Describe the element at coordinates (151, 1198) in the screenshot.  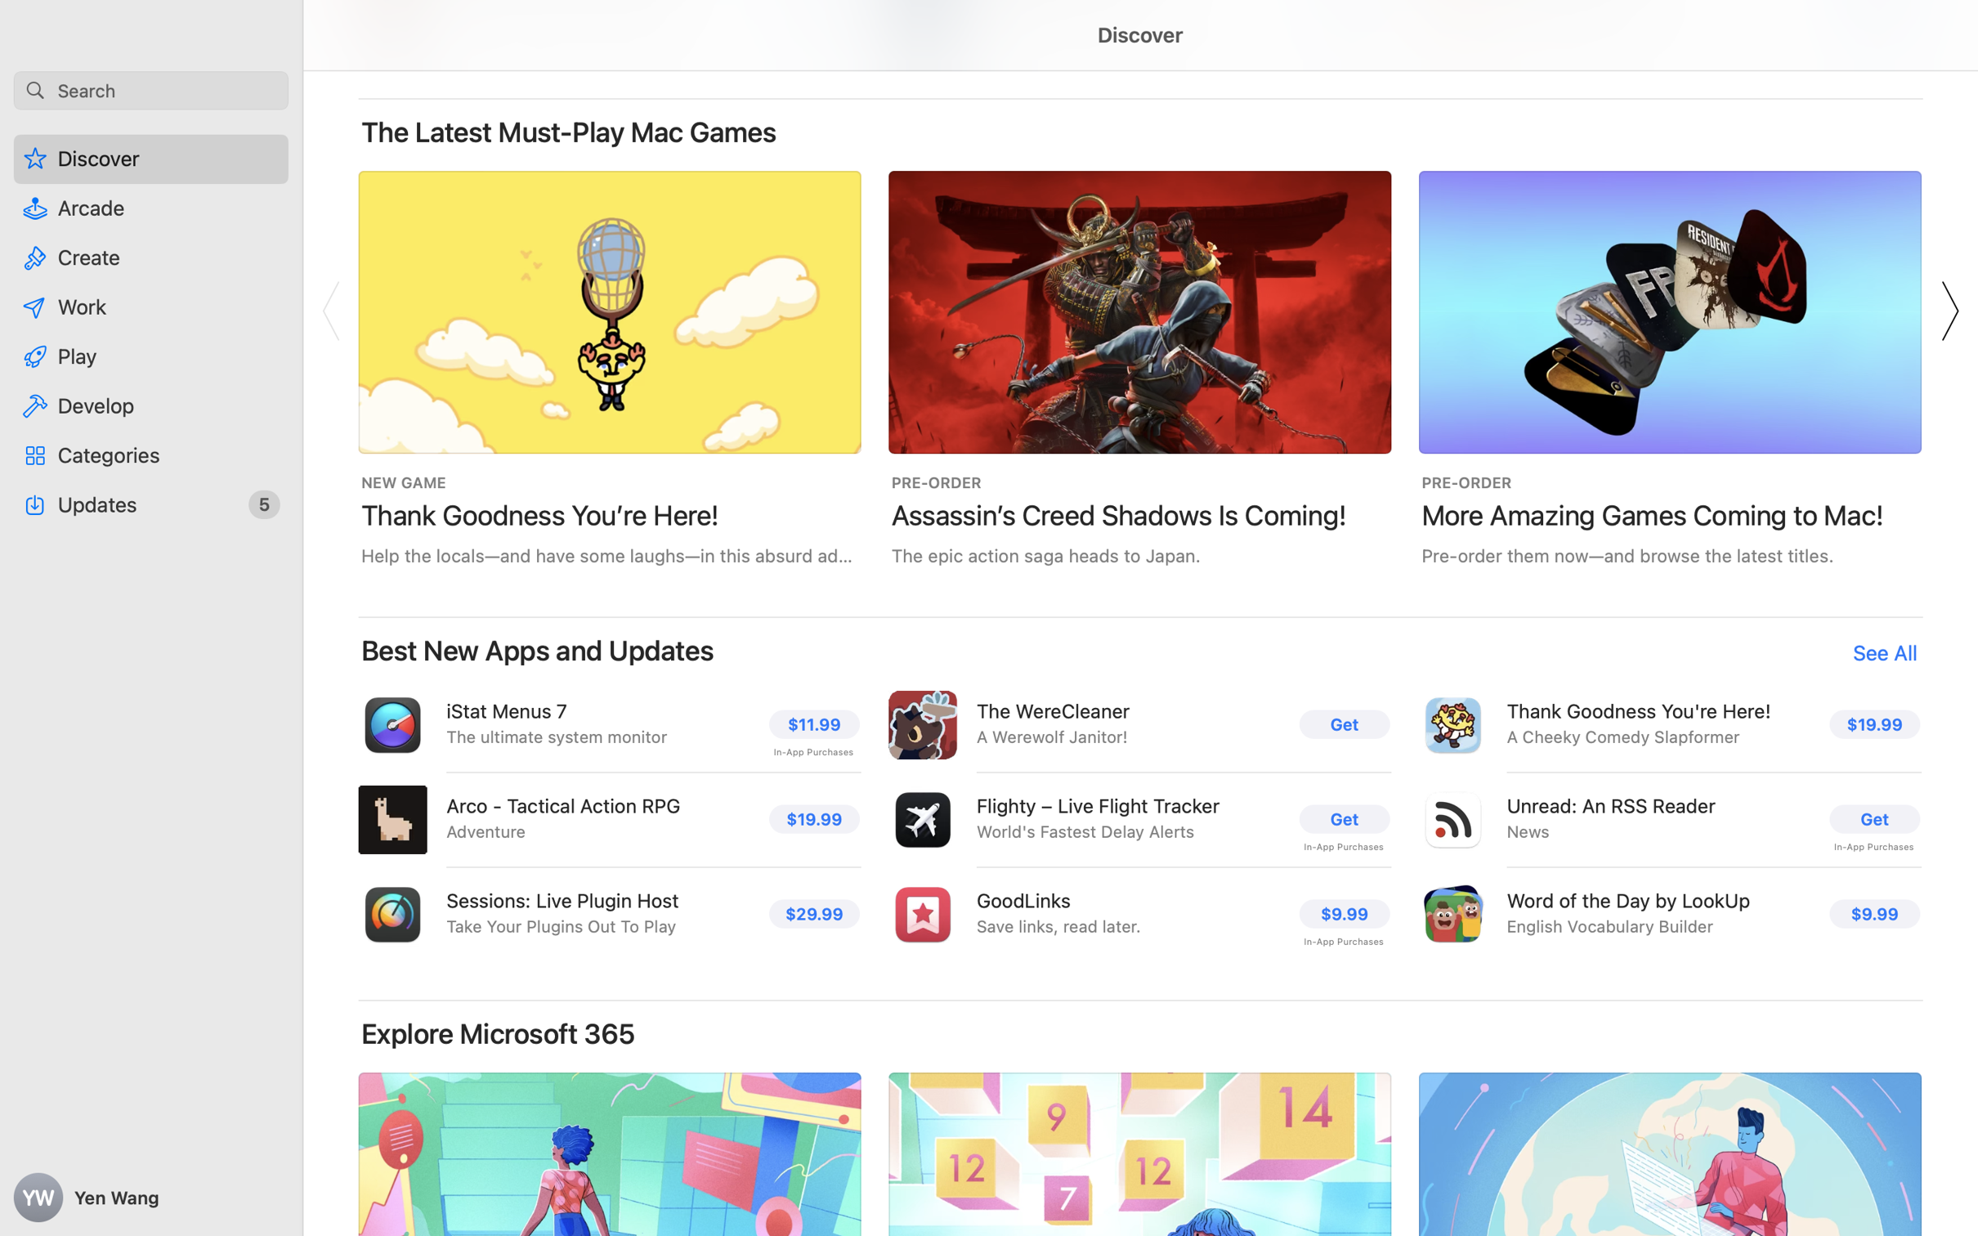
I see `'Yen Wang'` at that location.